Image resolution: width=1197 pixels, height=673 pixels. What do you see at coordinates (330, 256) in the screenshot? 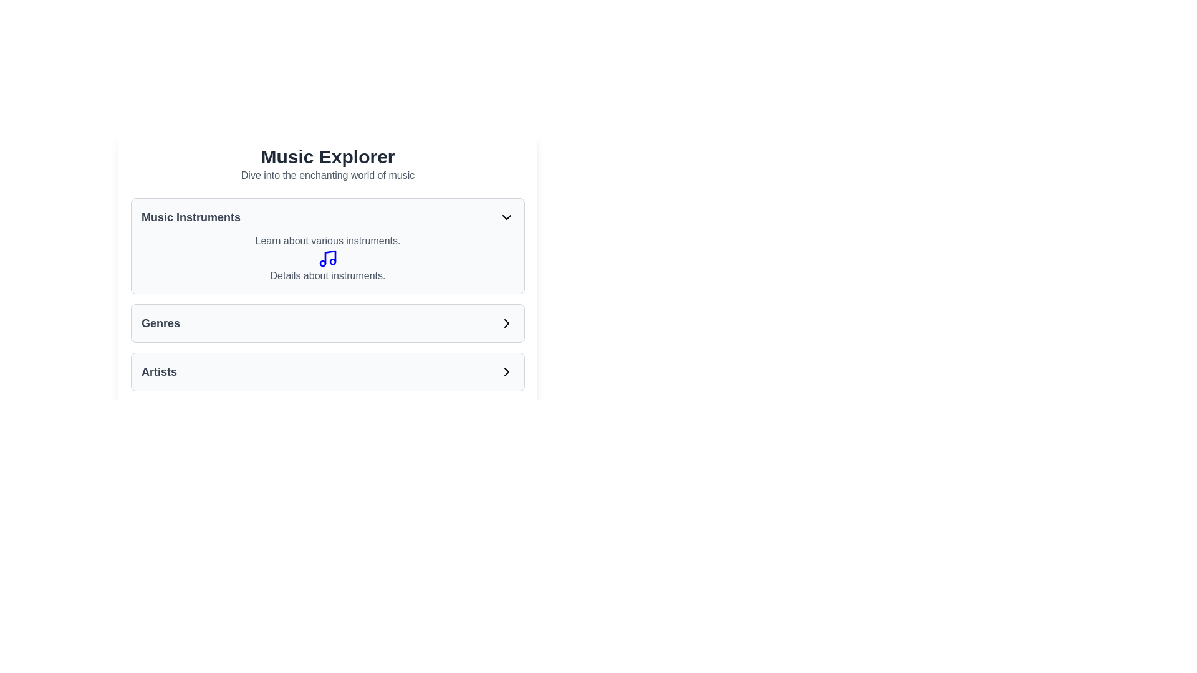
I see `the diagonal line resembling a musical note's stem, styled with a blue stroke, located within the 'Music Instruments' card under the 'Music Explorer' title` at bounding box center [330, 256].